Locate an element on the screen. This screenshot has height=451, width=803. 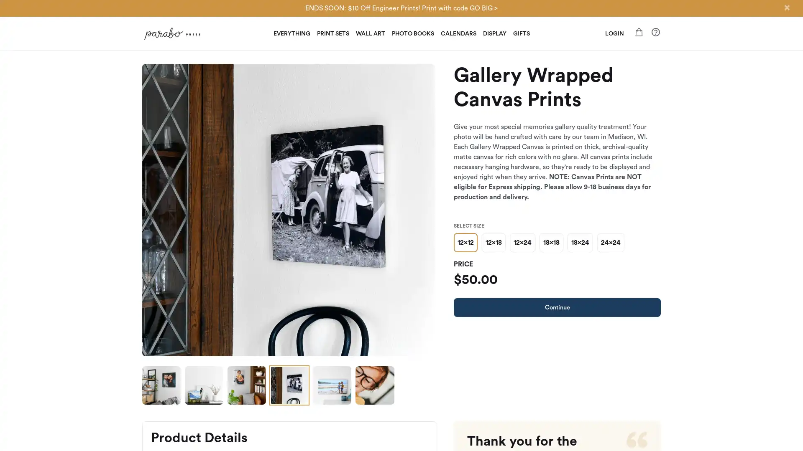
slide dot is located at coordinates (331, 385).